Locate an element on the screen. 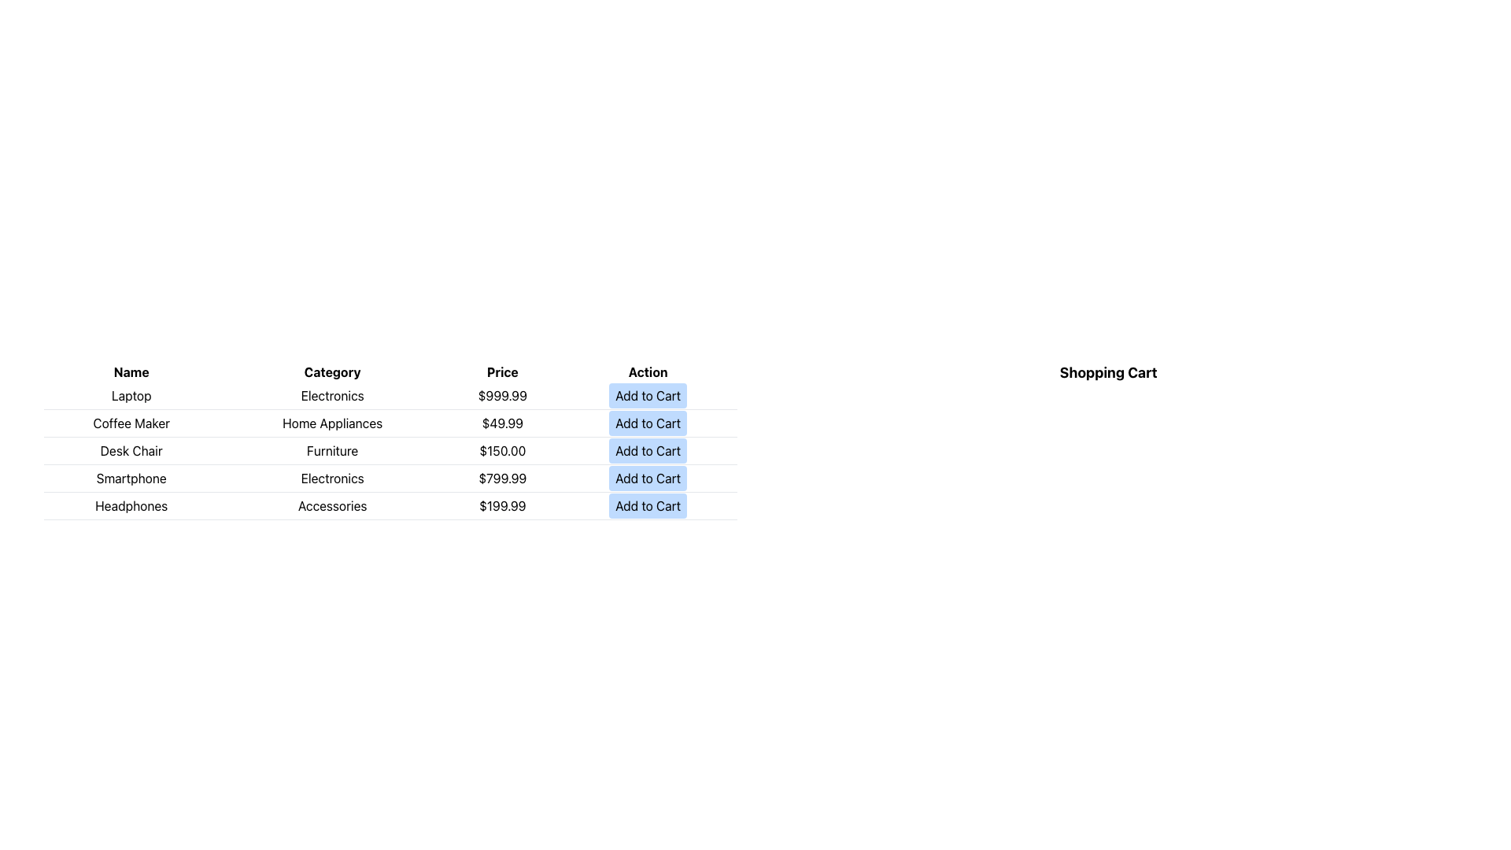 This screenshot has width=1511, height=850. the 'Add to Cart' button with a light blue background and rounded corners located in the 'Action' column of the 'Coffee Maker' product row is located at coordinates (648, 422).